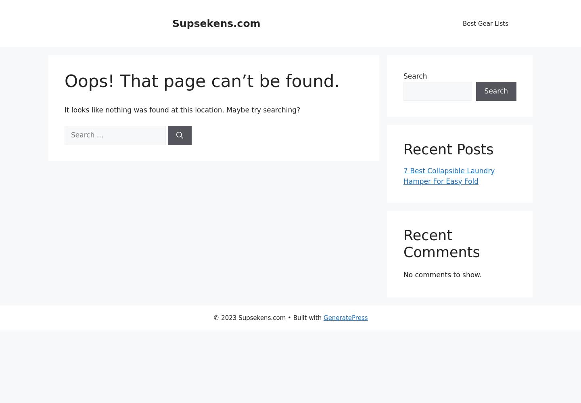 This screenshot has height=403, width=581. What do you see at coordinates (448, 149) in the screenshot?
I see `'Recent Posts'` at bounding box center [448, 149].